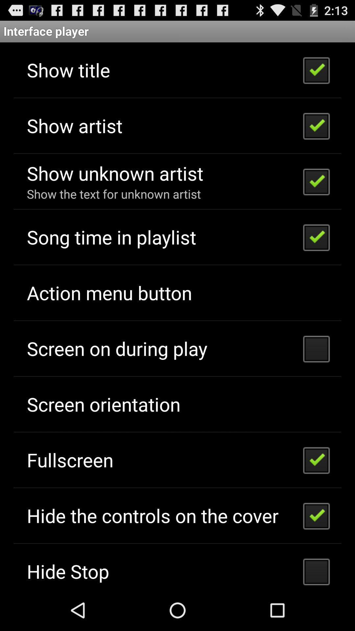 The image size is (355, 631). What do you see at coordinates (104, 404) in the screenshot?
I see `the app above fullscreen icon` at bounding box center [104, 404].